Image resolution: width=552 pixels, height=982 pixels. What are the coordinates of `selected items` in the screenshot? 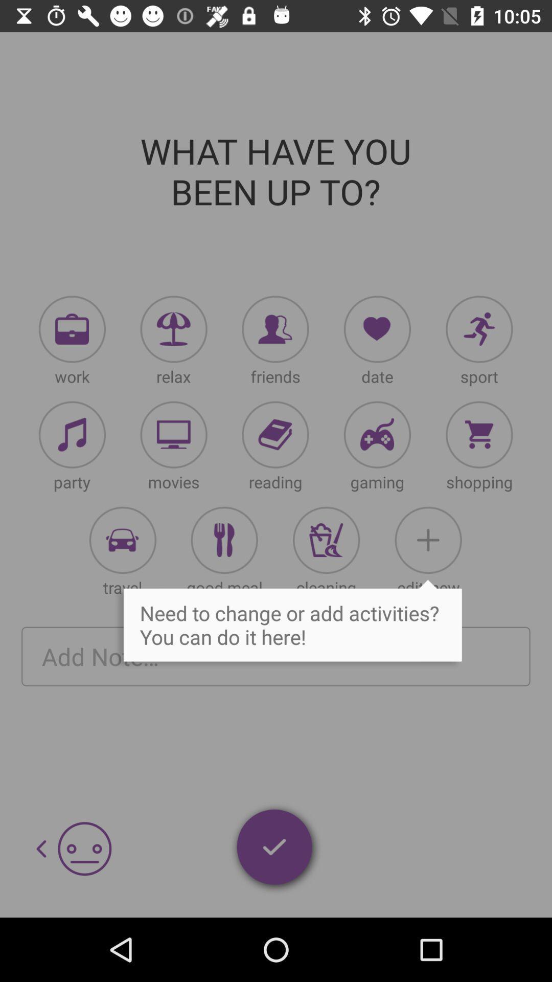 It's located at (275, 849).